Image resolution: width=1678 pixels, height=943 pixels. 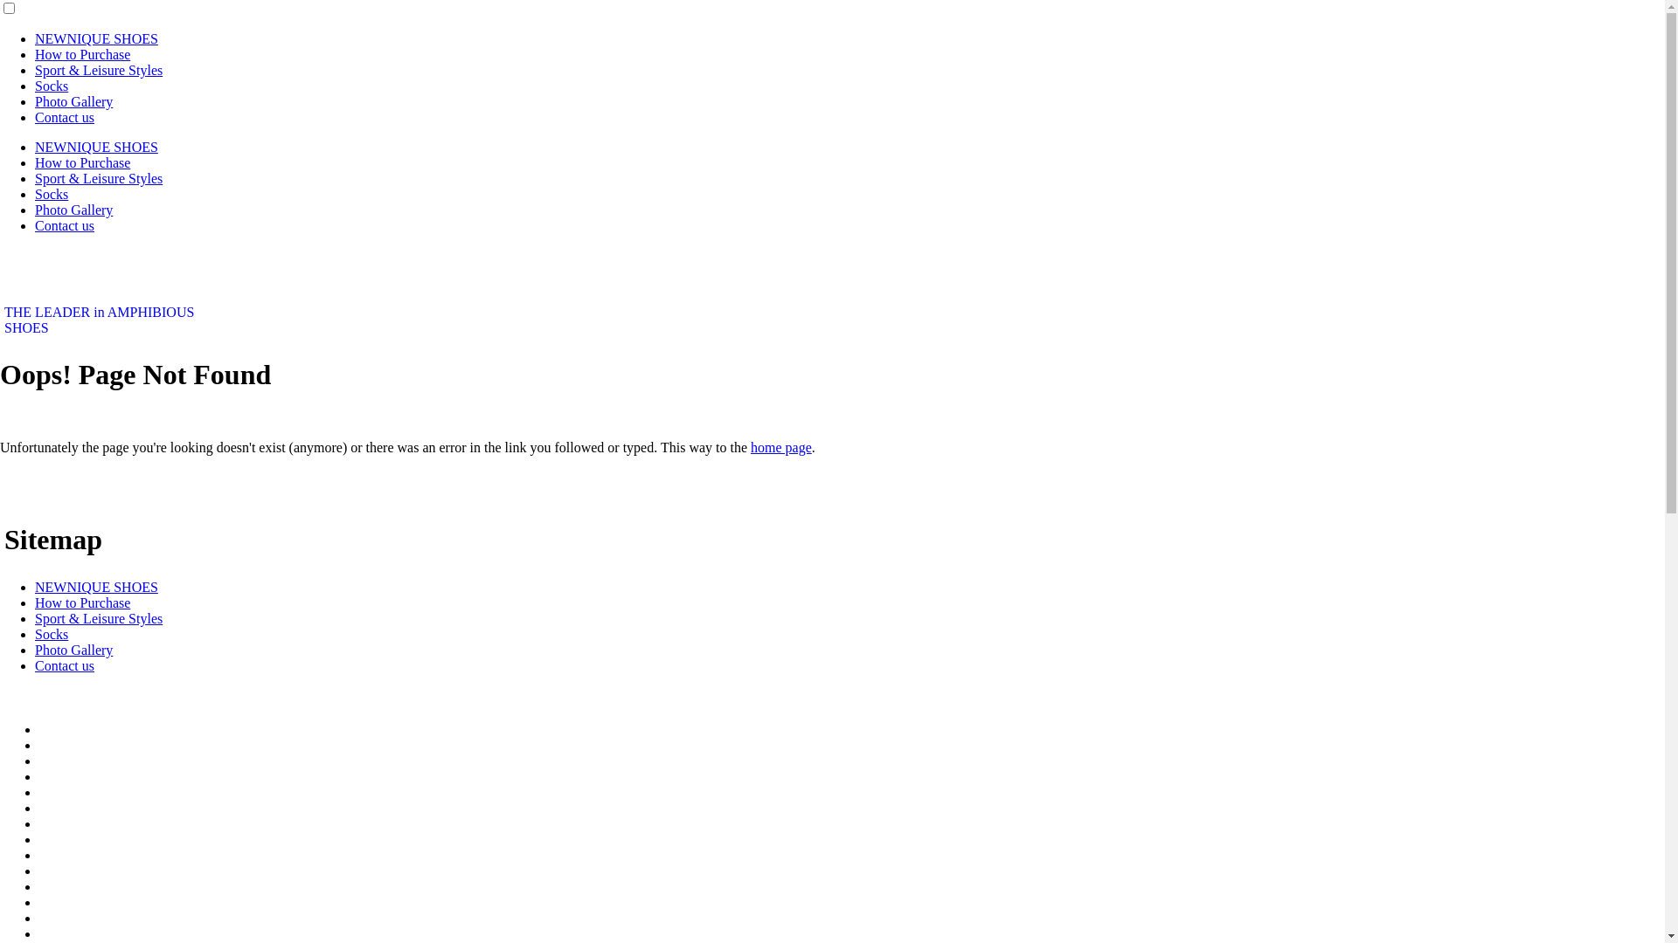 What do you see at coordinates (81, 162) in the screenshot?
I see `'How to Purchase'` at bounding box center [81, 162].